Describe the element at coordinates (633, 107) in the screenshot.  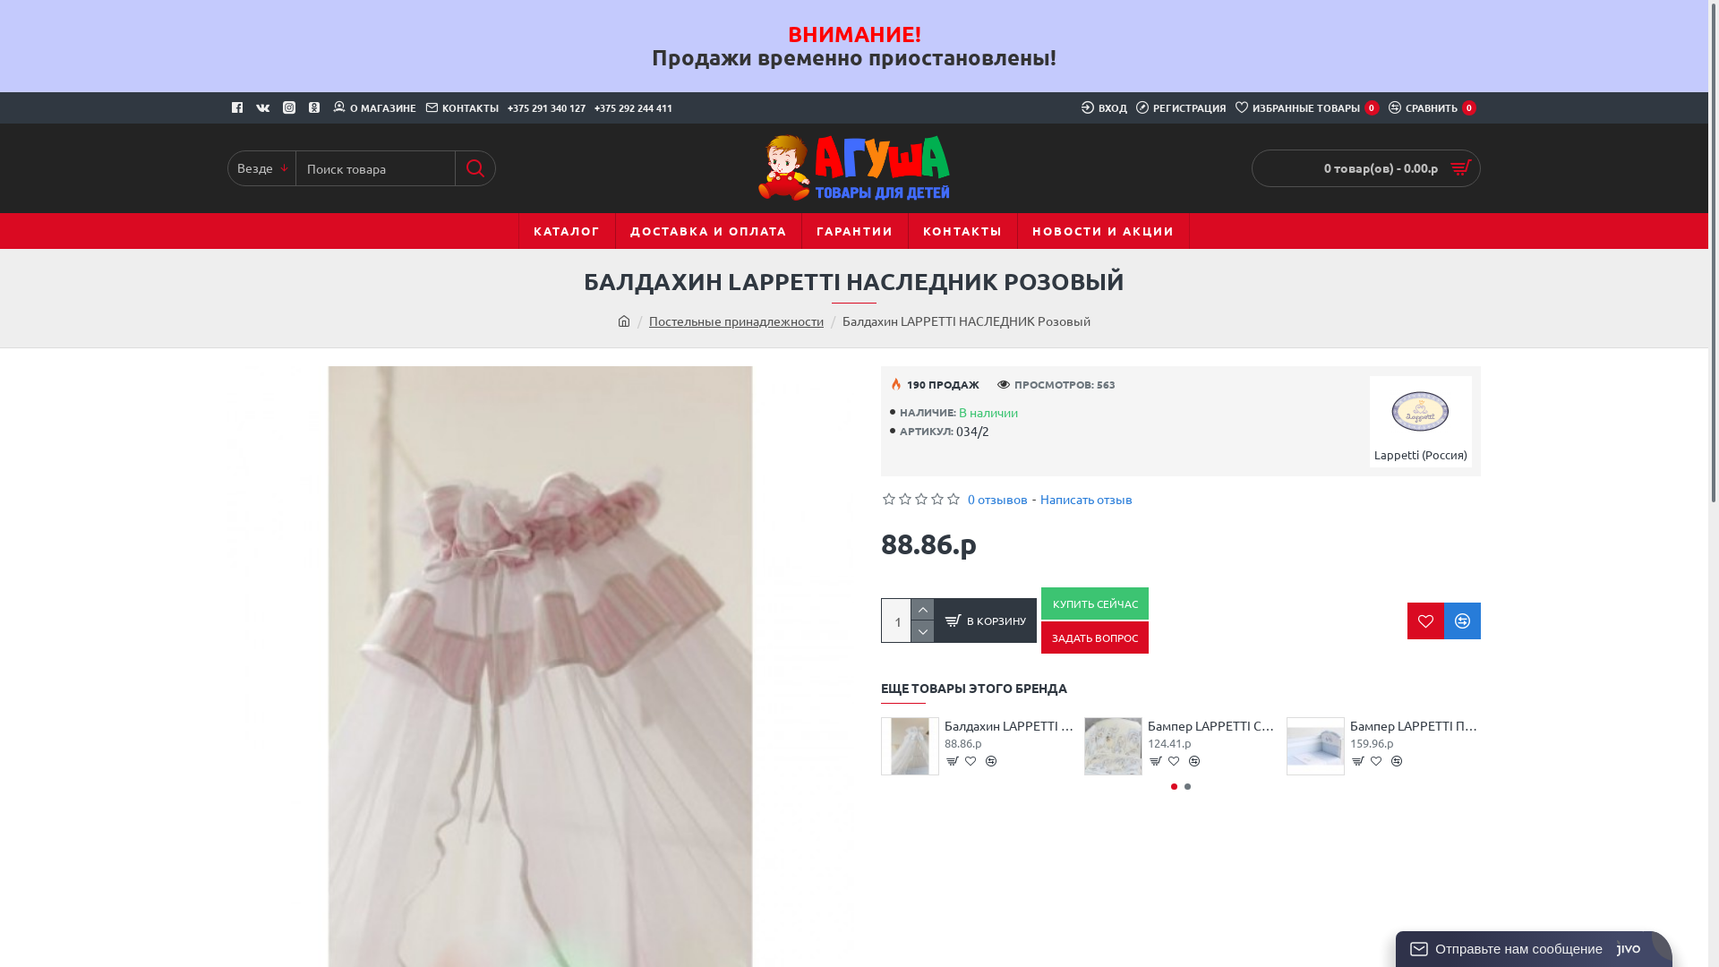
I see `'+375 292 244 411'` at that location.